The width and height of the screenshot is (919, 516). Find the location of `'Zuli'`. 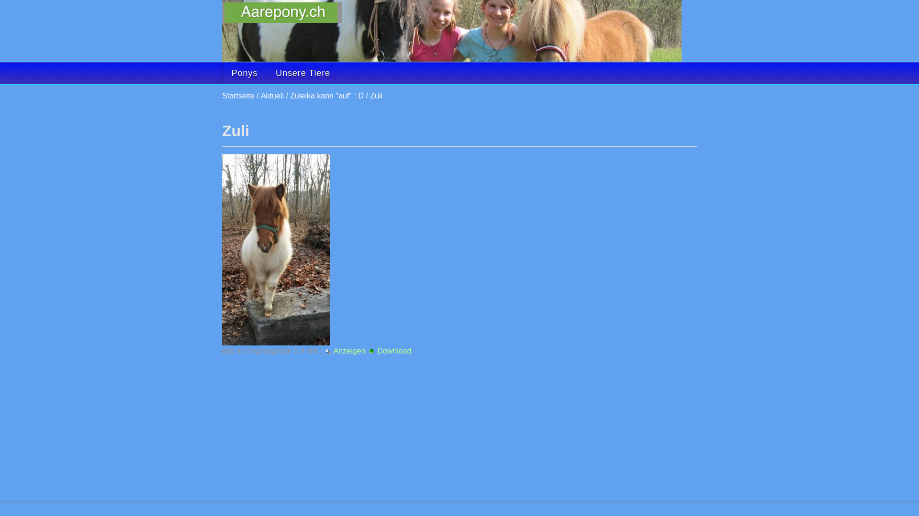

'Zuli' is located at coordinates (275, 249).